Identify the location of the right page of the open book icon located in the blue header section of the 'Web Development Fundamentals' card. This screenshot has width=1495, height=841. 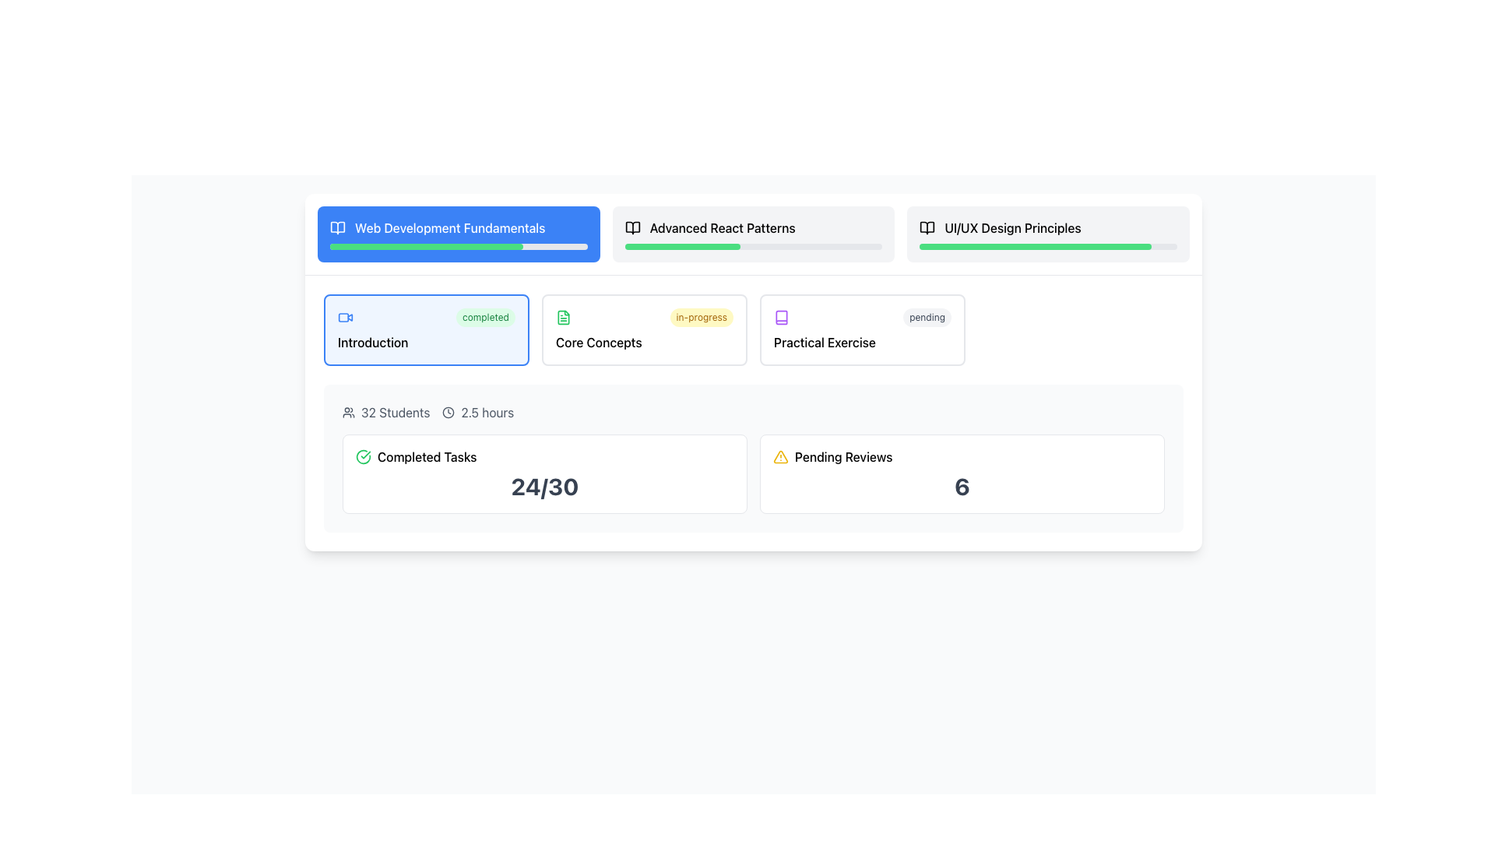
(336, 228).